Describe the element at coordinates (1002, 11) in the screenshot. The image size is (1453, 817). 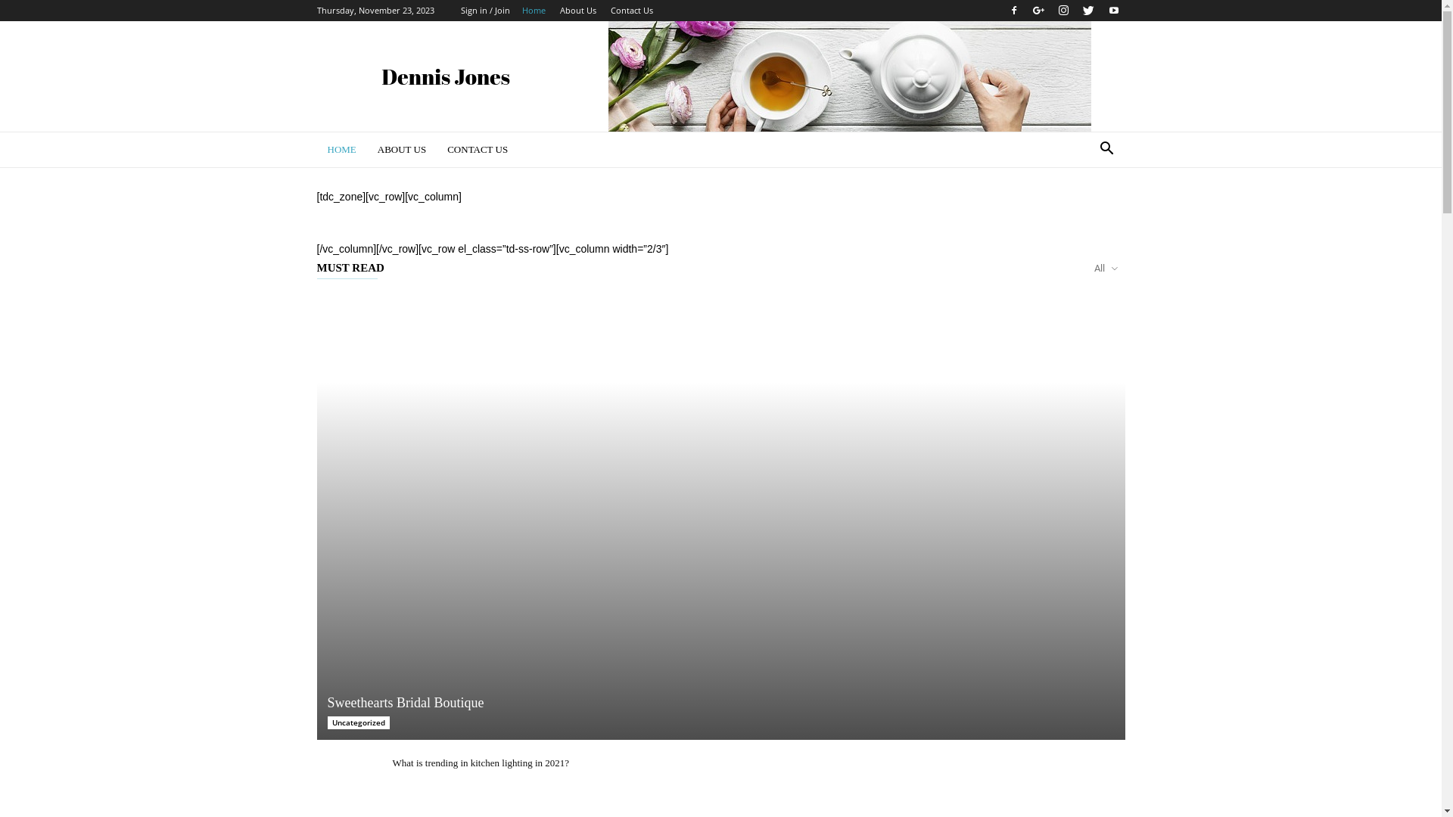
I see `'Facebook'` at that location.